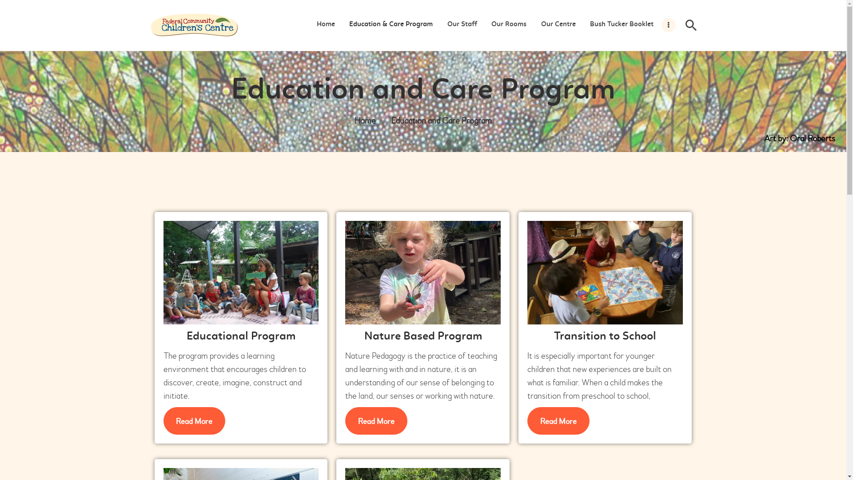 Image resolution: width=853 pixels, height=480 pixels. What do you see at coordinates (462, 24) in the screenshot?
I see `'Our Staff'` at bounding box center [462, 24].